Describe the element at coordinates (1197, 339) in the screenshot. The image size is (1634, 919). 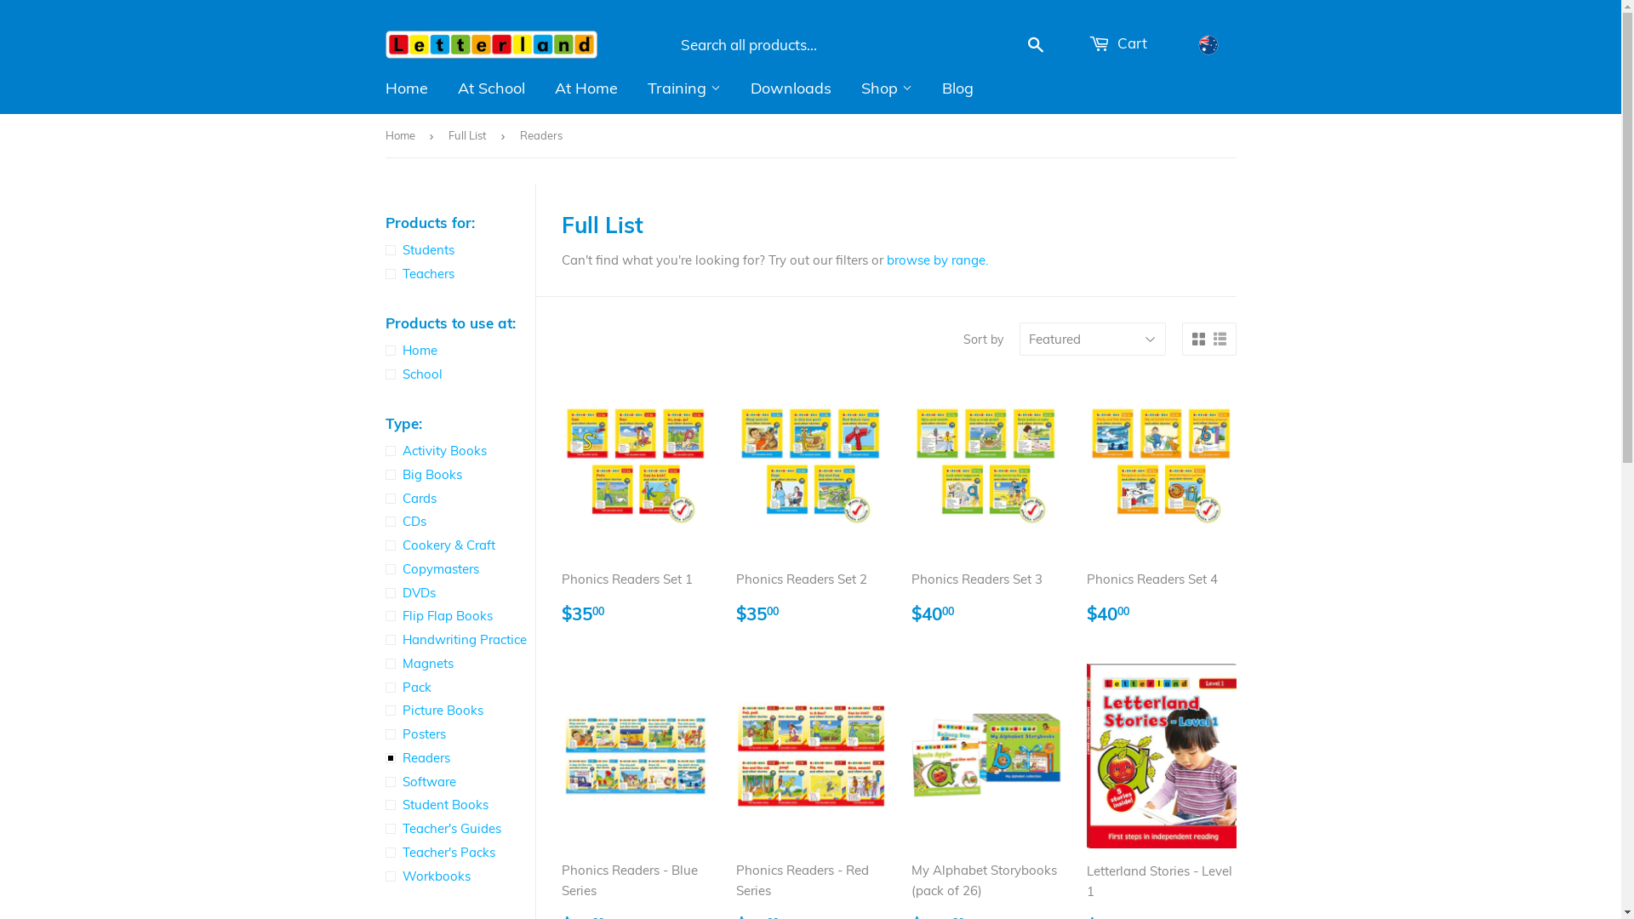
I see `'Grid view'` at that location.